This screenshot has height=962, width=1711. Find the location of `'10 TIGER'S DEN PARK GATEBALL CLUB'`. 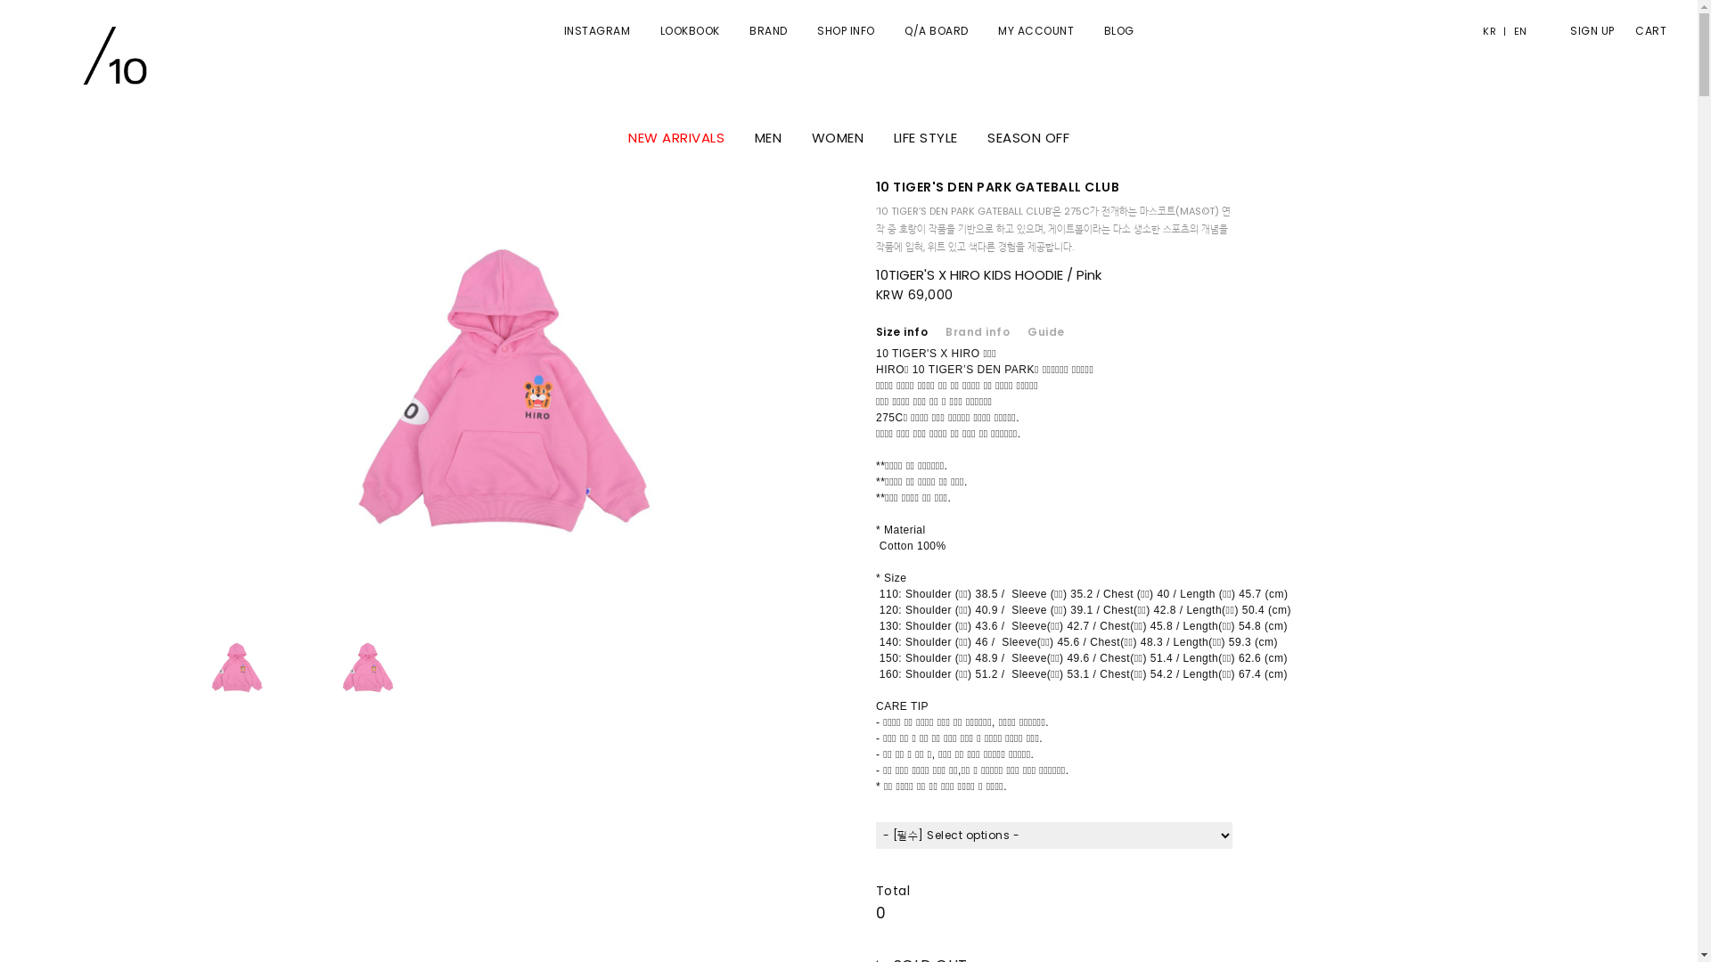

'10 TIGER'S DEN PARK GATEBALL CLUB' is located at coordinates (996, 186).